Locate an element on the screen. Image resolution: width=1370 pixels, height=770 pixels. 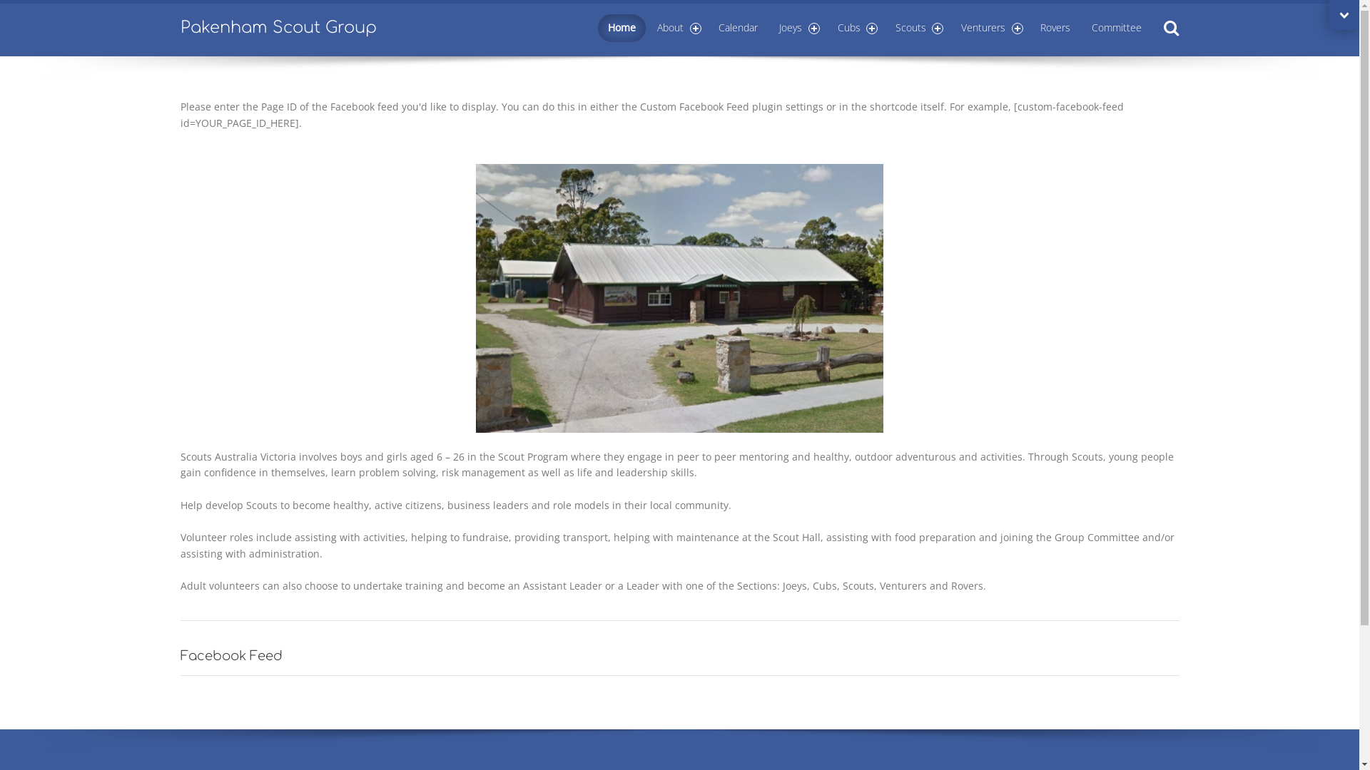
'Calendar' is located at coordinates (738, 28).